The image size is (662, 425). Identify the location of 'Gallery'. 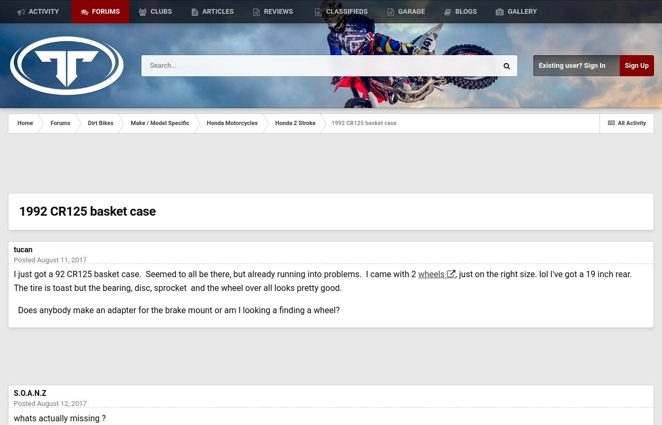
(521, 11).